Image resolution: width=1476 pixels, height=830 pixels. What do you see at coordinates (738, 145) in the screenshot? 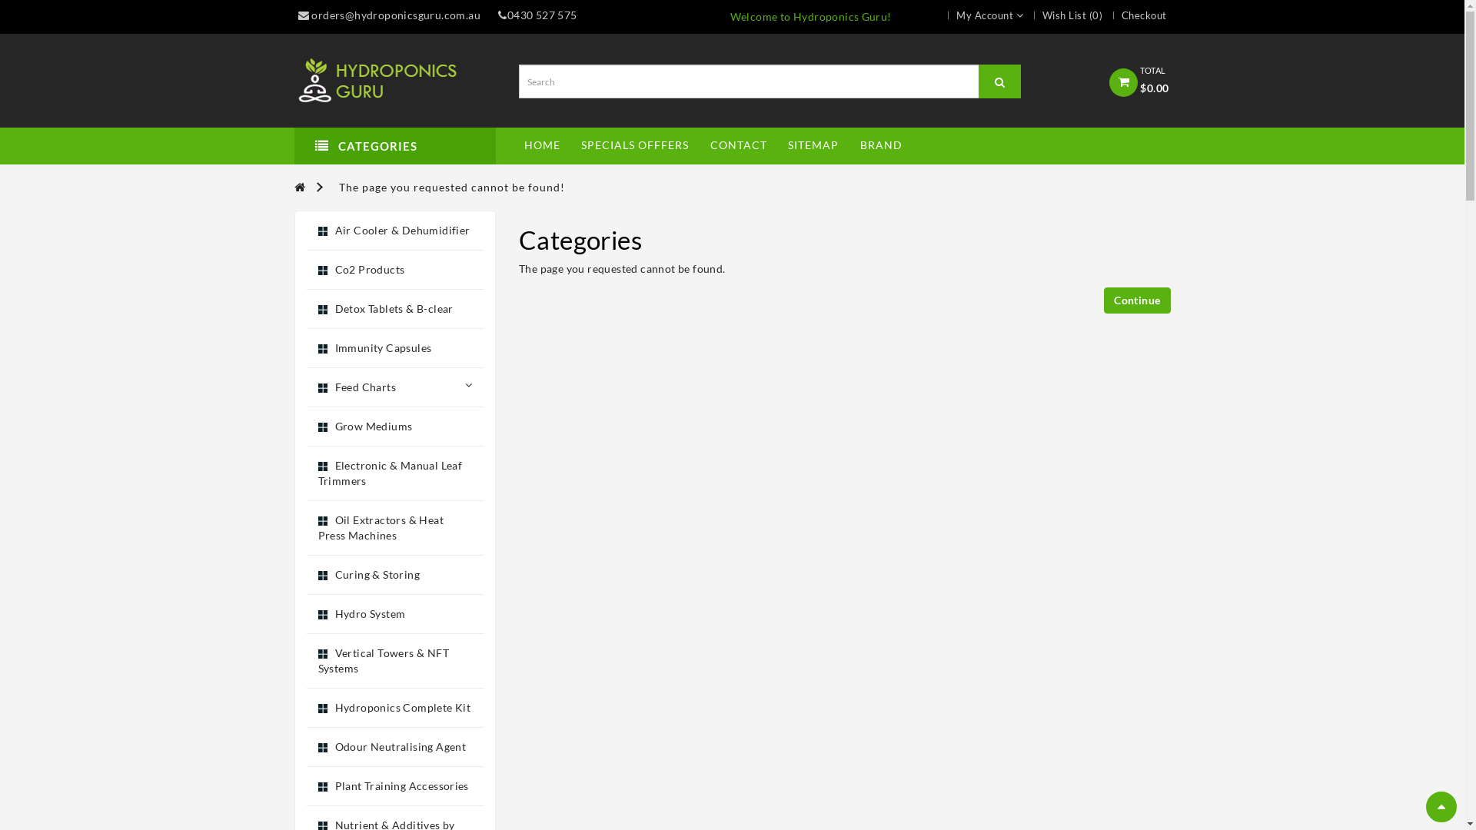
I see `'CONTACT'` at bounding box center [738, 145].